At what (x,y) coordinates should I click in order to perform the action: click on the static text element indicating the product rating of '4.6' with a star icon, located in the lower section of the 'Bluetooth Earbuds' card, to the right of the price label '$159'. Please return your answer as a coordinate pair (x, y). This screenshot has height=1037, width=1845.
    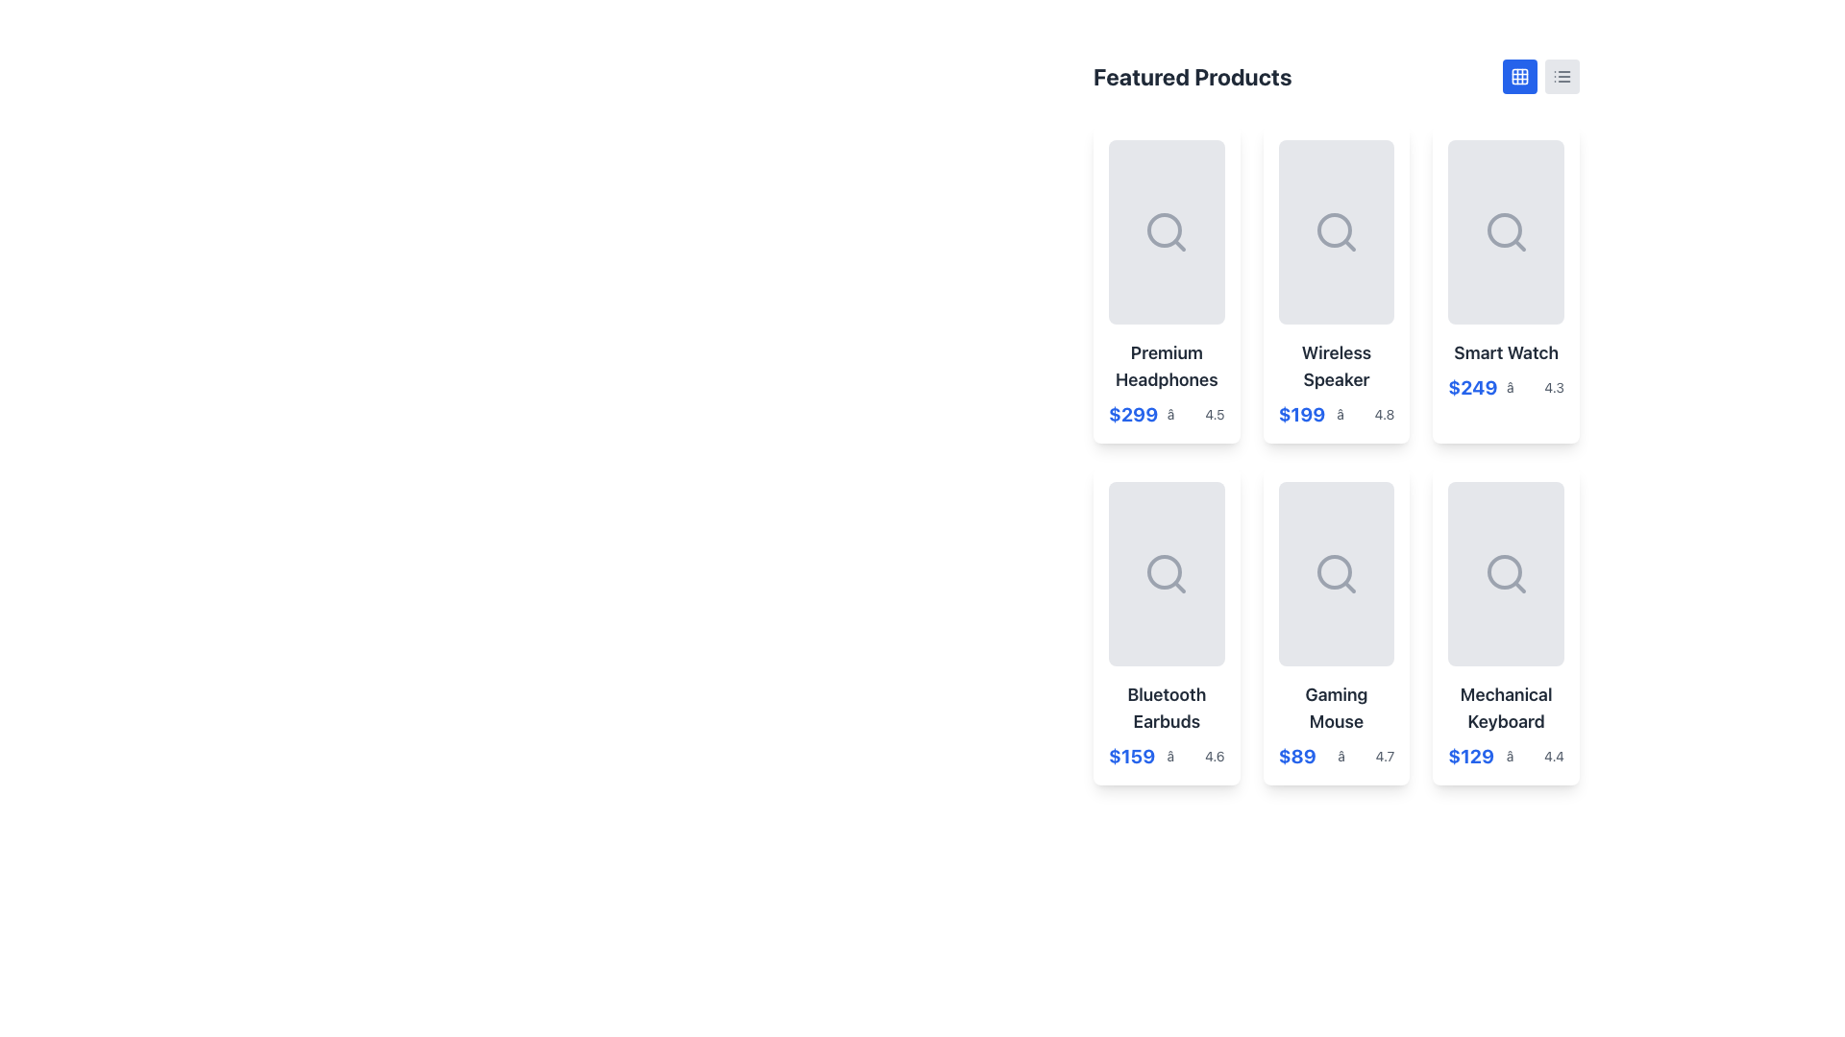
    Looking at the image, I should click on (1194, 755).